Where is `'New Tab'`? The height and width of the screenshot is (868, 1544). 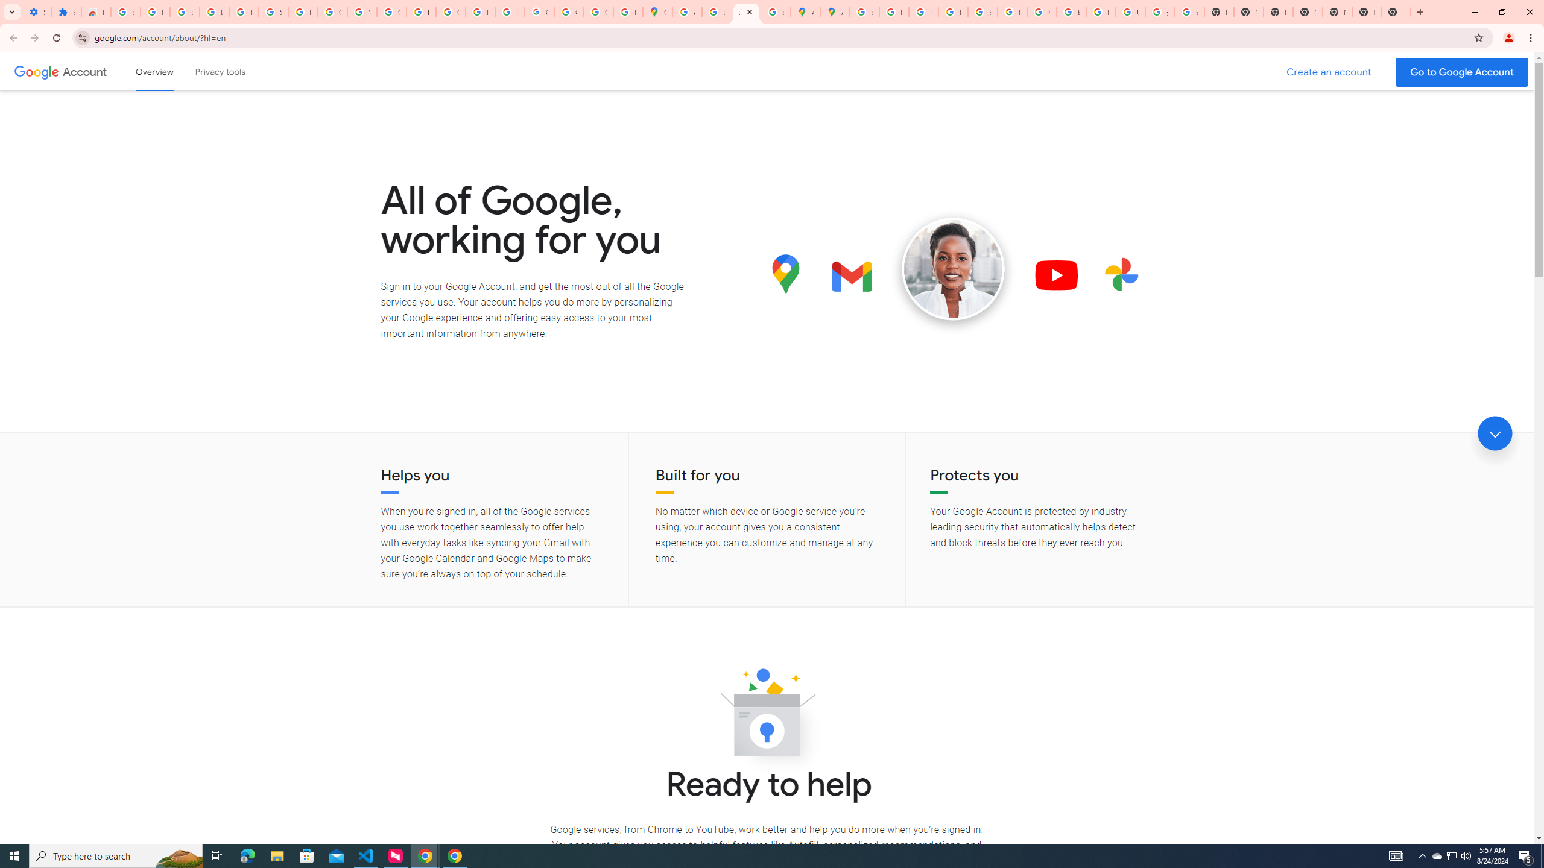 'New Tab' is located at coordinates (1396, 11).